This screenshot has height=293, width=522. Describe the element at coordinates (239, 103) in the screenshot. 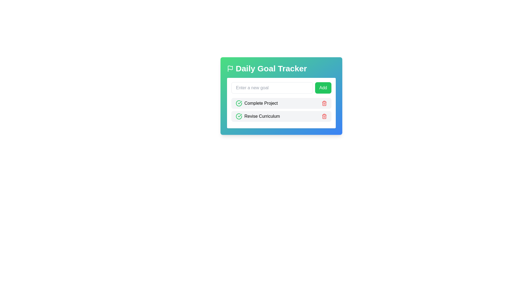

I see `the SVG icon representing the completion status of the 'Revise Curriculum' task in the 'Daily Goal Tracker' interface` at that location.